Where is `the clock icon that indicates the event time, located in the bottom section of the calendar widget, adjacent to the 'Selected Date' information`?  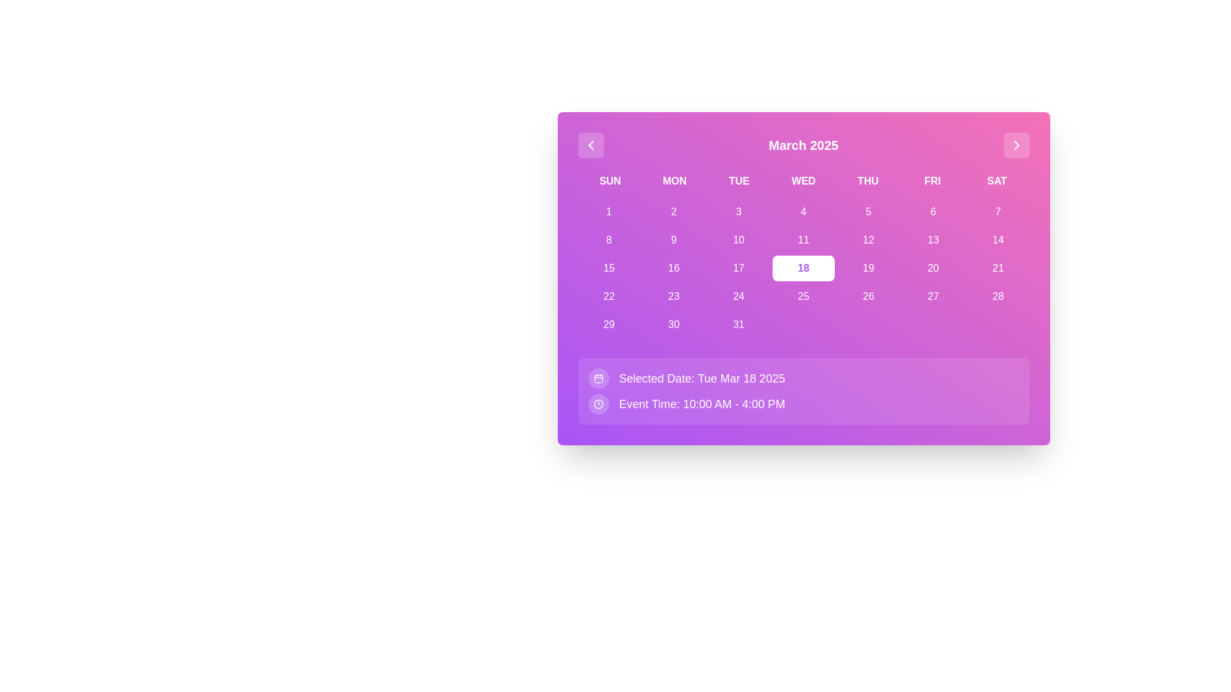
the clock icon that indicates the event time, located in the bottom section of the calendar widget, adjacent to the 'Selected Date' information is located at coordinates (598, 404).